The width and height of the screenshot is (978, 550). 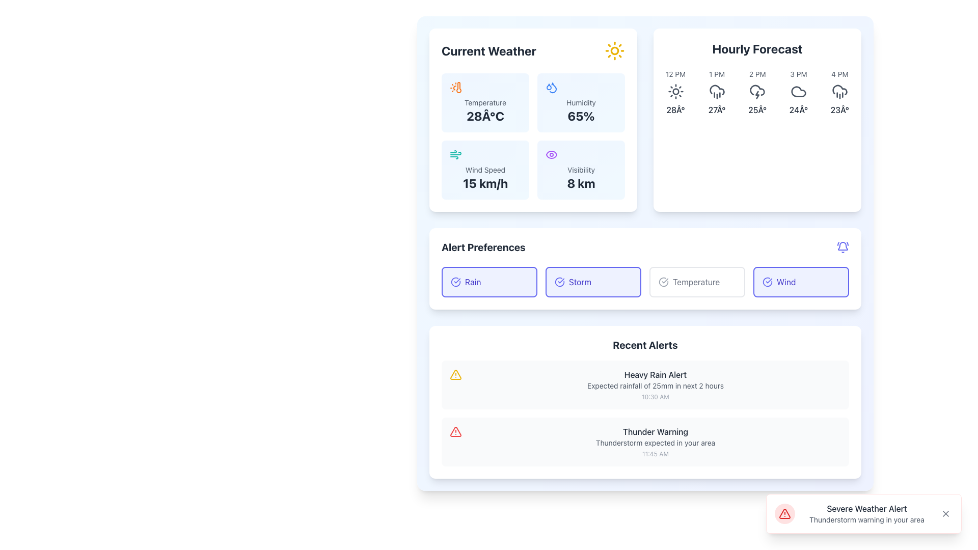 I want to click on the orange circular decorative graphic element that represents the sun in the 'Current Weather' section of the interface, so click(x=614, y=51).